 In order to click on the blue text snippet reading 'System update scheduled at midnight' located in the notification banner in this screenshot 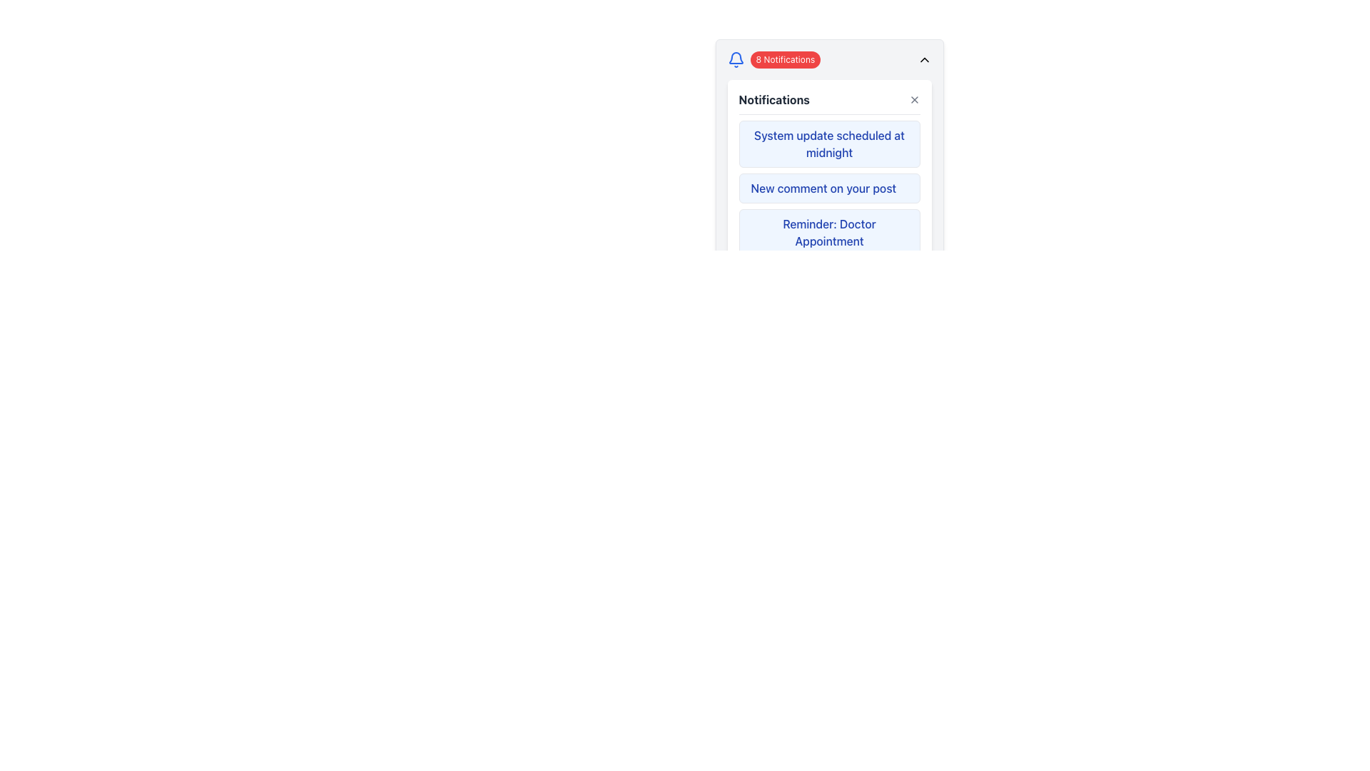, I will do `click(829, 143)`.